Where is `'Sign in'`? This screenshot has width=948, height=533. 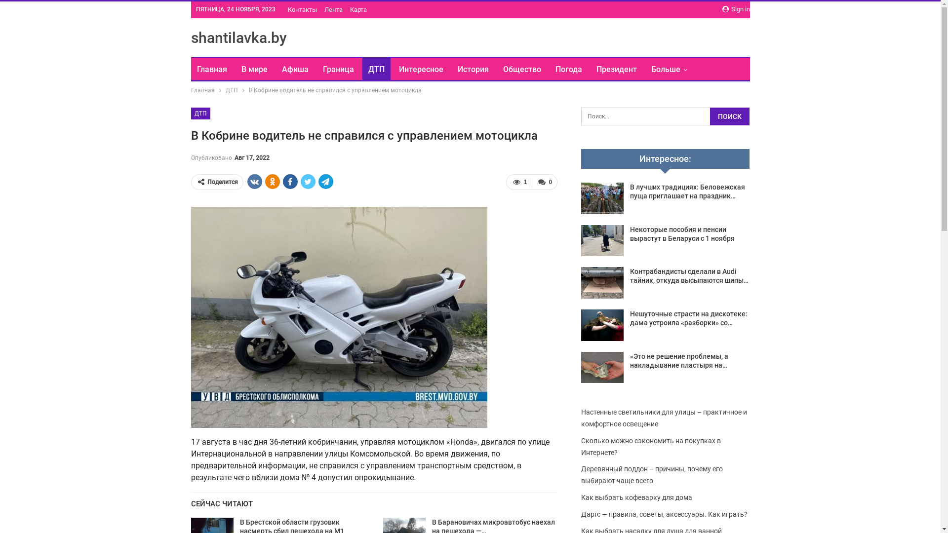 'Sign in' is located at coordinates (722, 9).